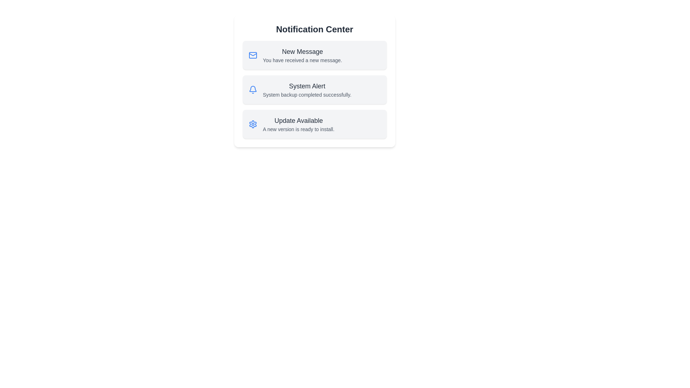  Describe the element at coordinates (307, 94) in the screenshot. I see `text label displaying the message 'System backup completed successfully.' located under the 'System Alert' heading in the Notification Center` at that location.